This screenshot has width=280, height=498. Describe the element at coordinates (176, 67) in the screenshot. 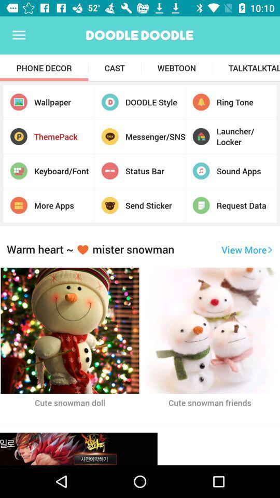

I see `icon next to the cast app` at that location.